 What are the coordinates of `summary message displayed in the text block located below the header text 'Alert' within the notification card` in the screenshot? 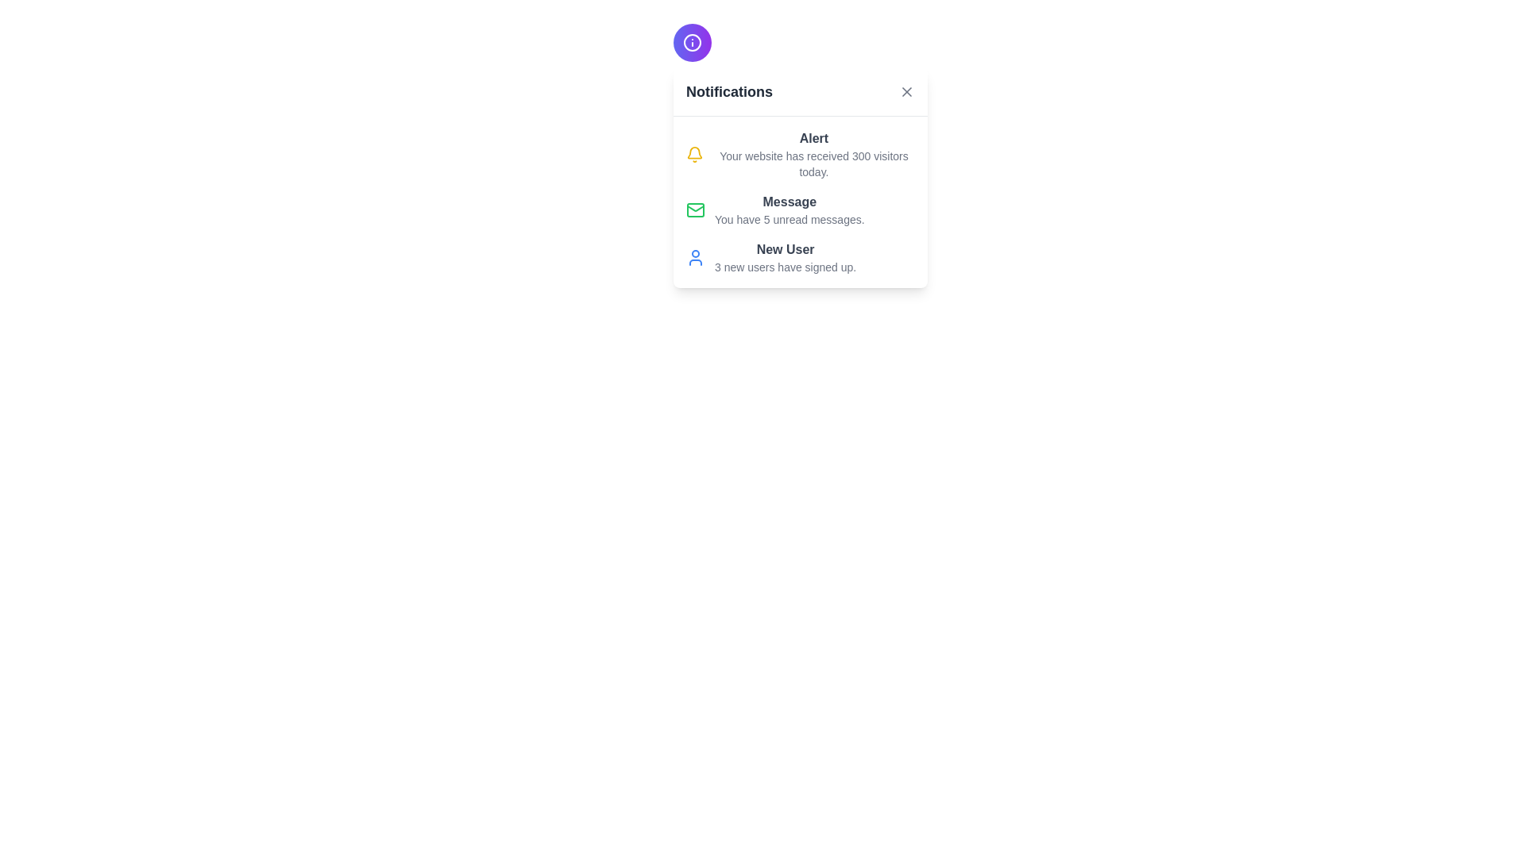 It's located at (813, 164).